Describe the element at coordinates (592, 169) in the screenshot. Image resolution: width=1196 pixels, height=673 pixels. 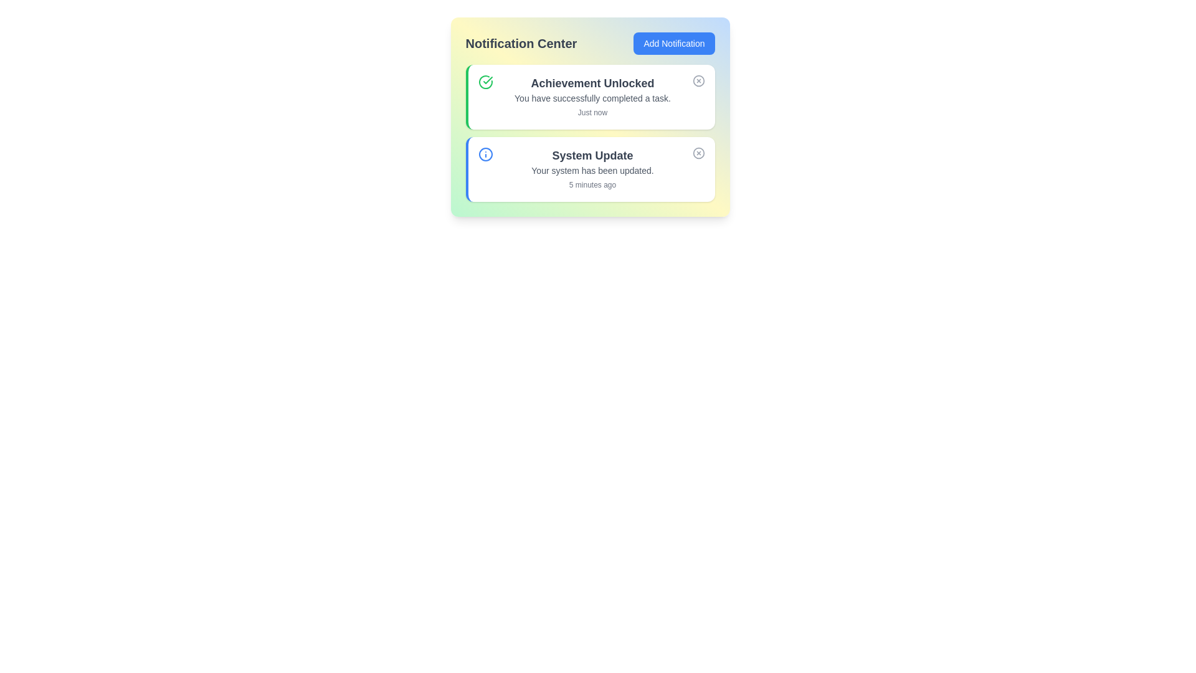
I see `notification message from the second notification card in the notification center, which provides information about a system update that occurred 5 minutes ago` at that location.